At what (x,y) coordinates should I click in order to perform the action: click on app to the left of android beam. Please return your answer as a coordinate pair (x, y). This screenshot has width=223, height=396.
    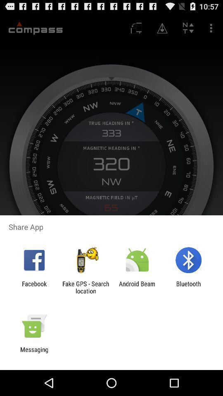
    Looking at the image, I should click on (85, 287).